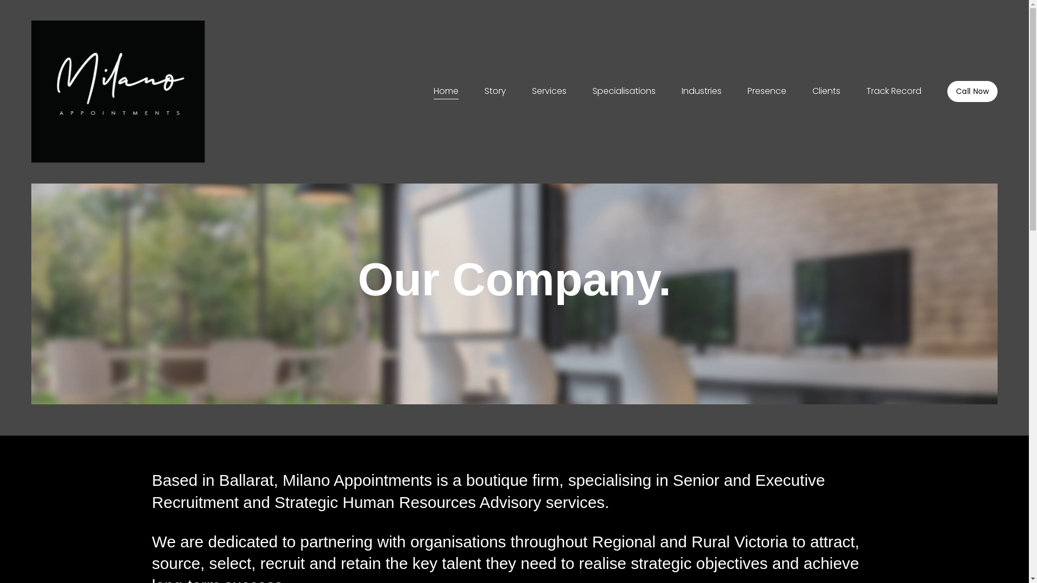 The height and width of the screenshot is (583, 1037). I want to click on 'Services', so click(549, 91).